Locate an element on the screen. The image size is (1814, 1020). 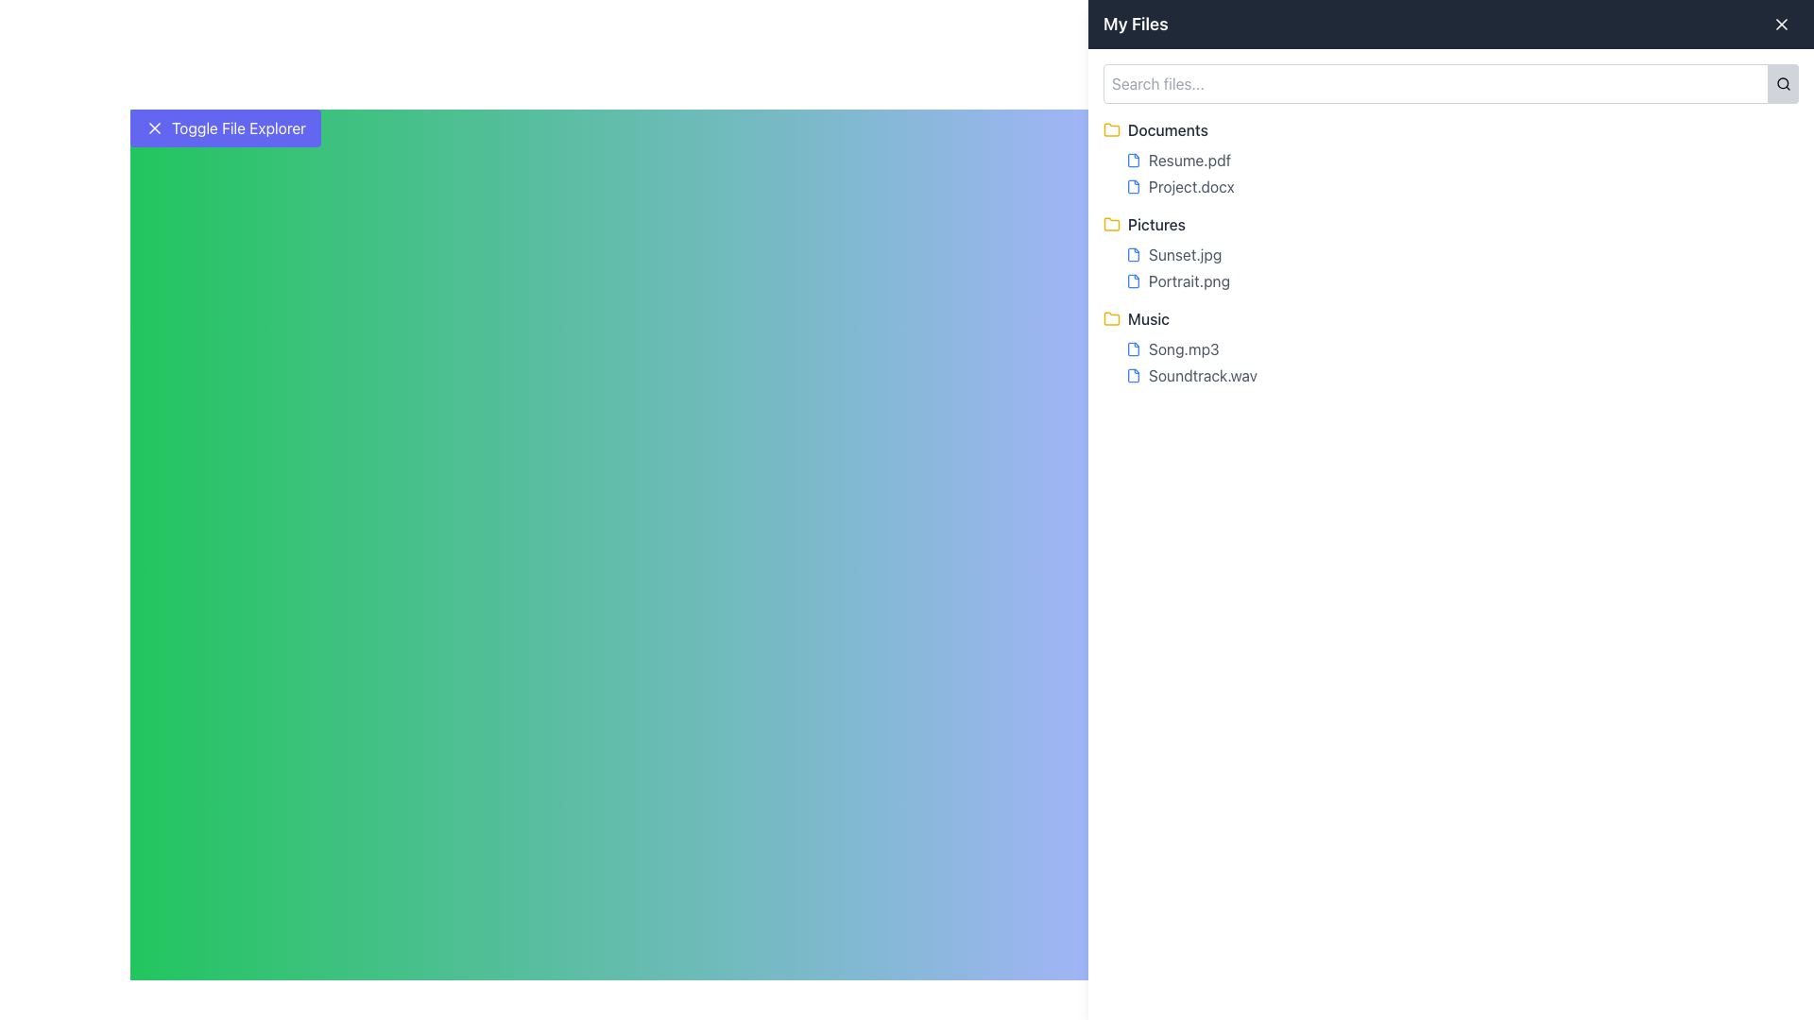
the small circular magnifying glass icon in the upper-right corner of the 'My Files' panel is located at coordinates (1782, 82).